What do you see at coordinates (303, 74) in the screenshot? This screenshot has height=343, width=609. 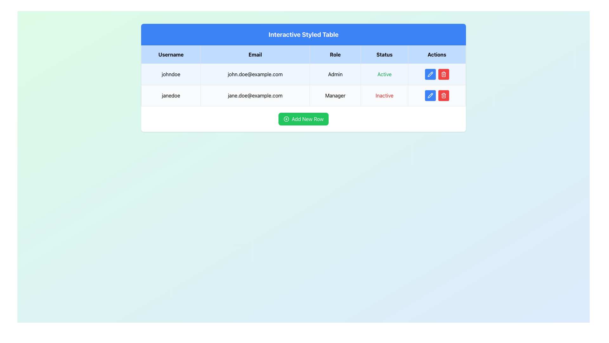 I see `the first row of the user information table` at bounding box center [303, 74].